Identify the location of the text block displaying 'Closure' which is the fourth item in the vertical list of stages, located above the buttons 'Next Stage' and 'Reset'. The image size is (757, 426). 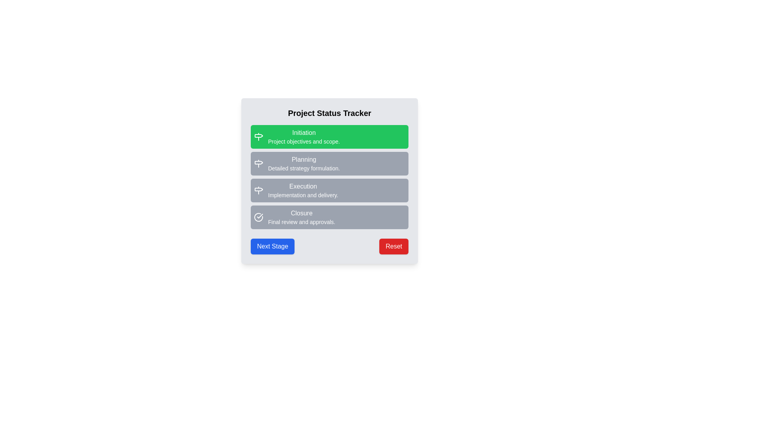
(301, 217).